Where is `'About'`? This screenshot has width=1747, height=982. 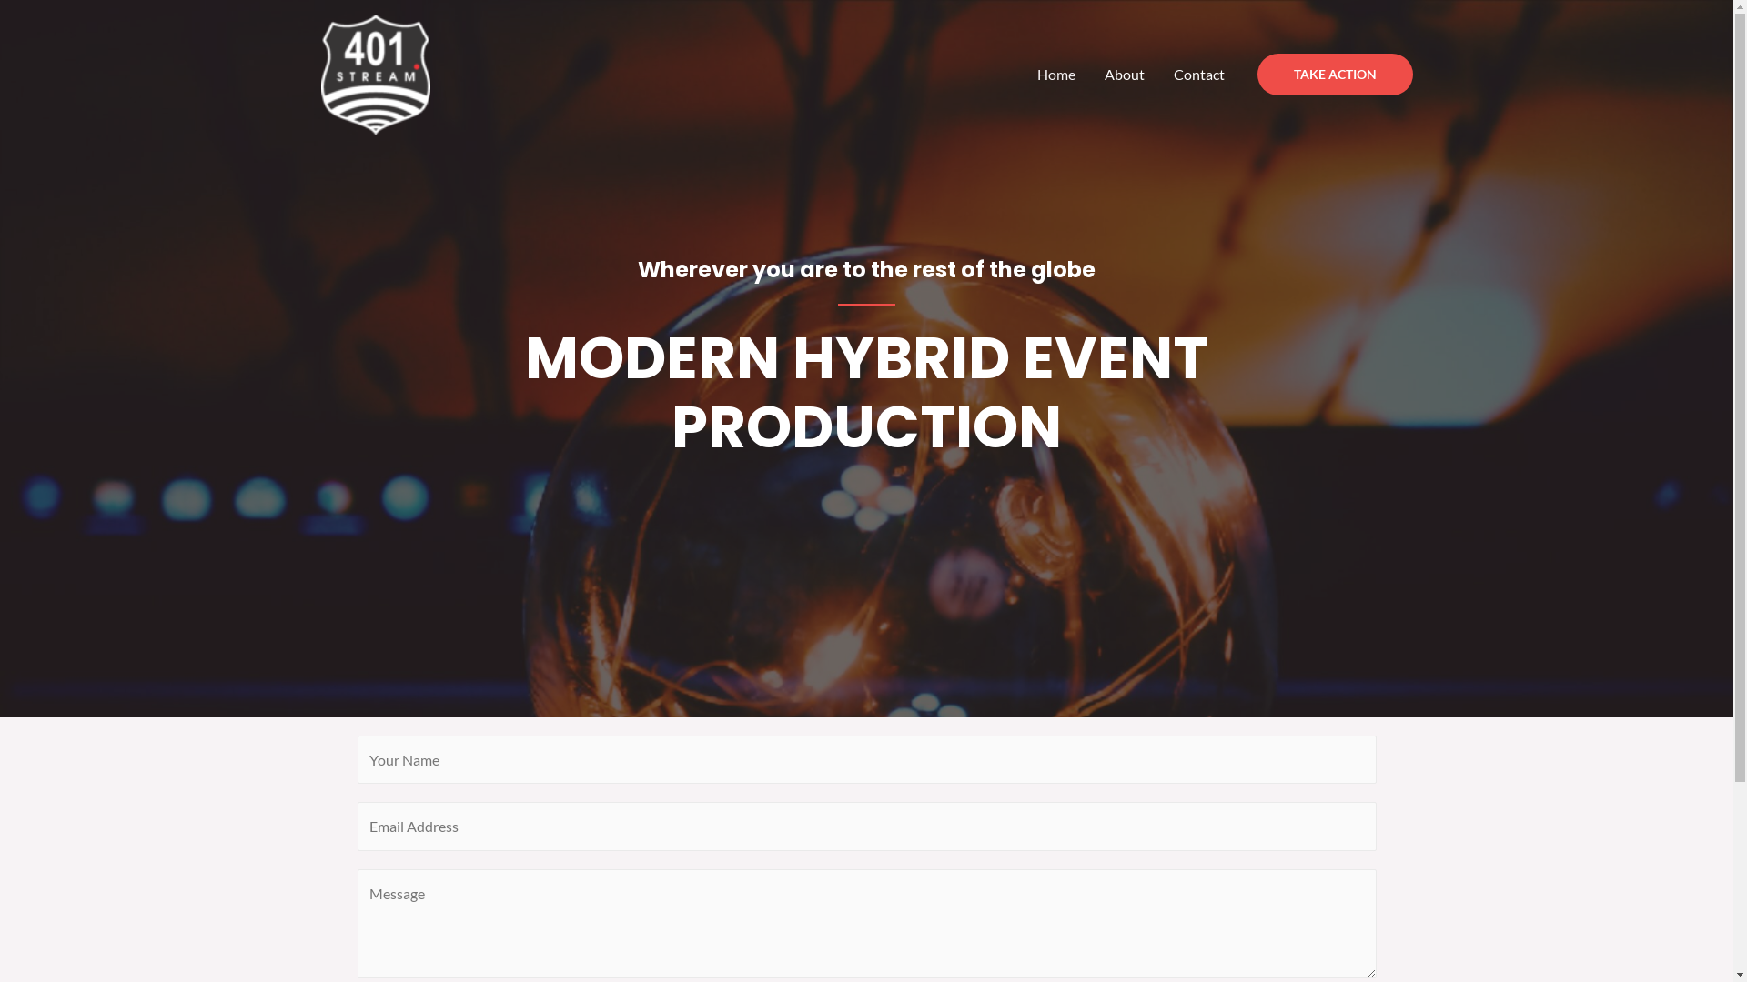
'About' is located at coordinates (1124, 73).